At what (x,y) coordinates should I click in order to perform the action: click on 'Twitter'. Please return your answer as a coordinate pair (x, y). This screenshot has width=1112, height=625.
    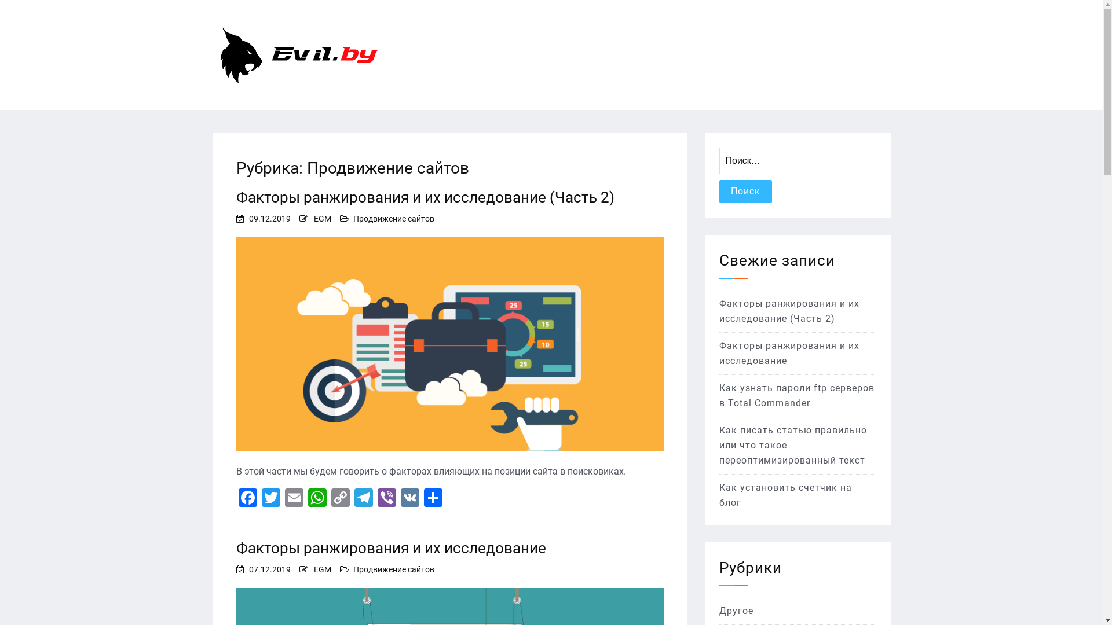
    Looking at the image, I should click on (258, 498).